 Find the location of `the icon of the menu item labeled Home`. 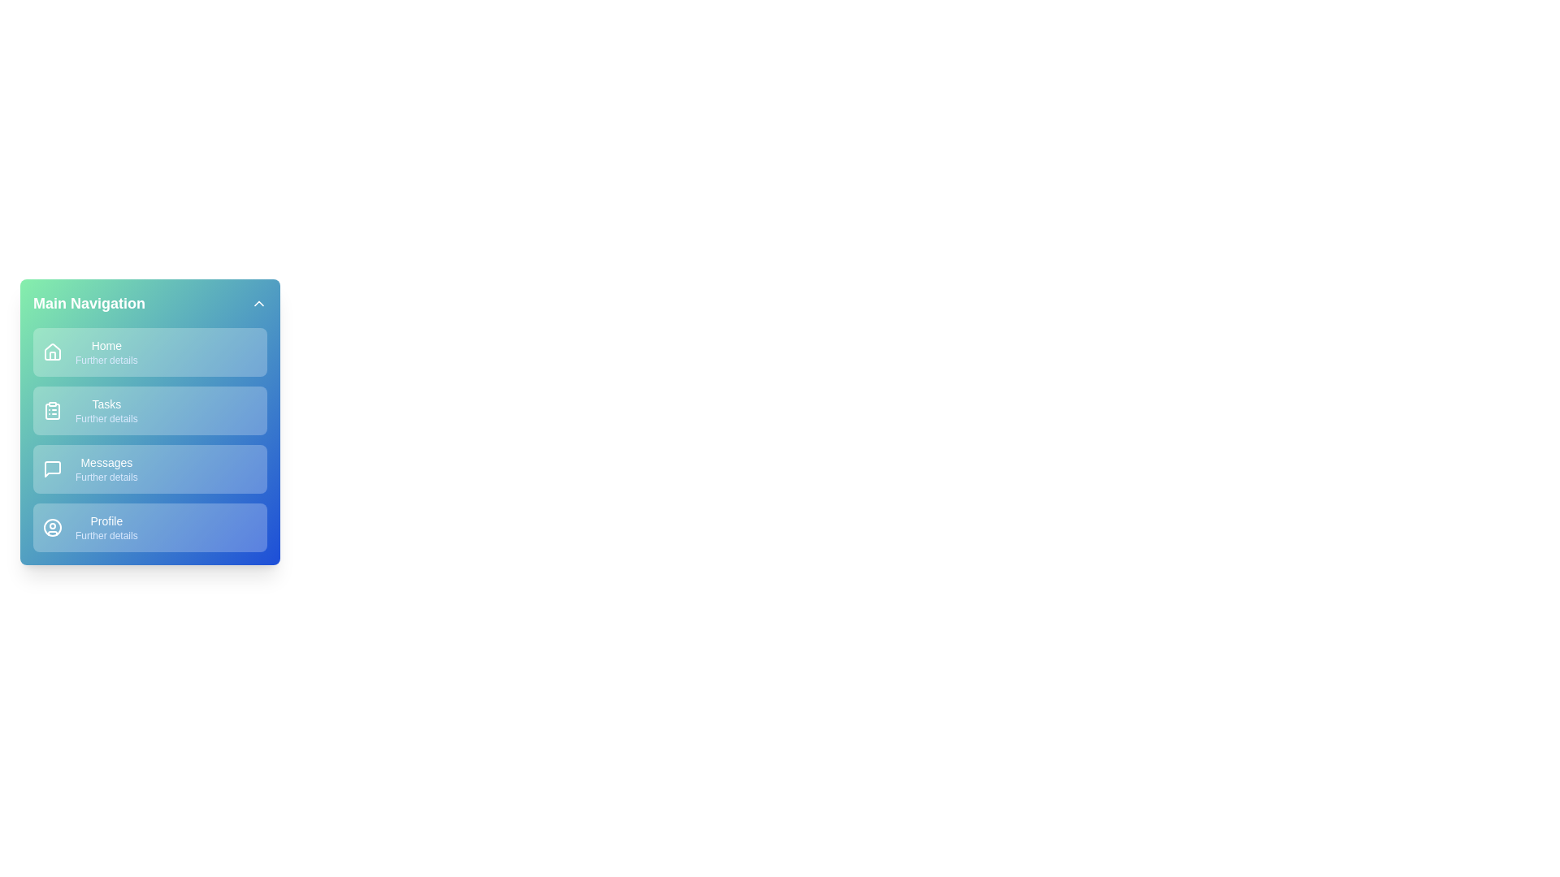

the icon of the menu item labeled Home is located at coordinates (53, 352).